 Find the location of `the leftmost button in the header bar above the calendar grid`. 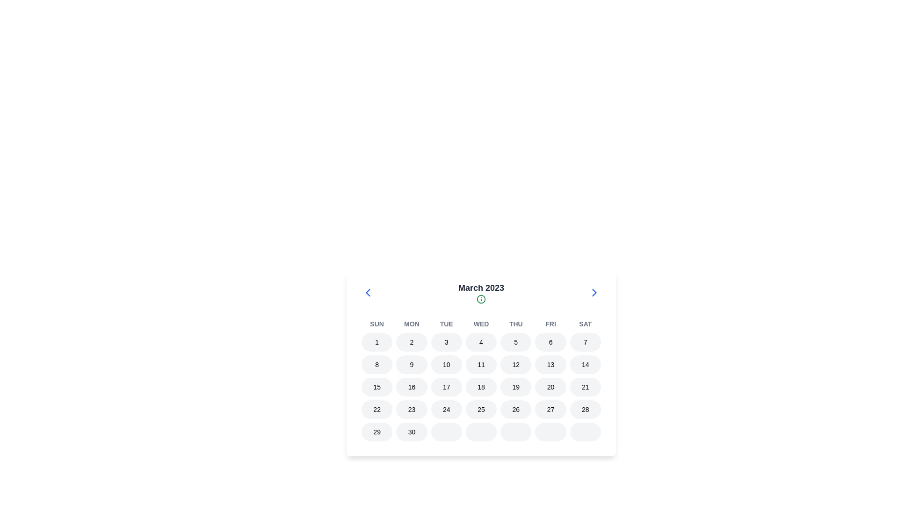

the leftmost button in the header bar above the calendar grid is located at coordinates (368, 292).